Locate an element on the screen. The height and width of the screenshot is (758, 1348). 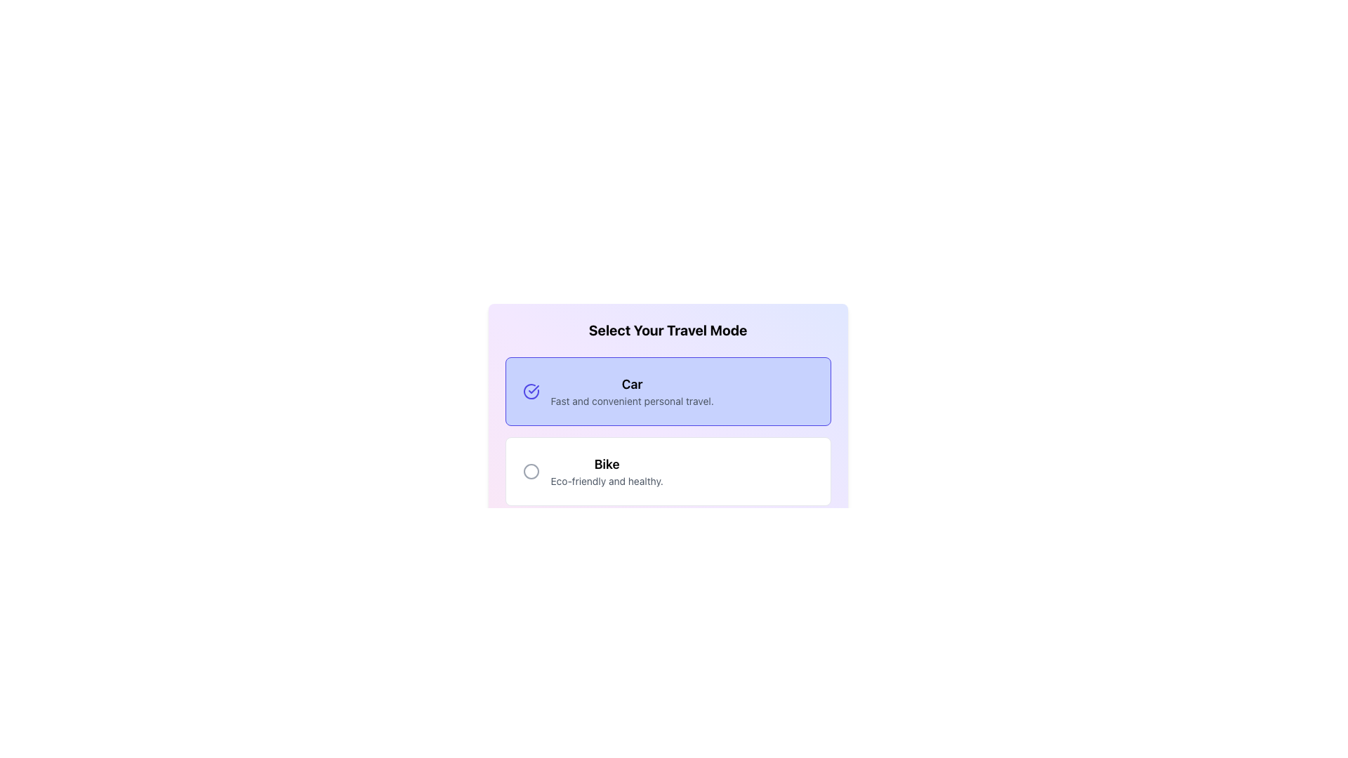
the unselected circular outline radio button in the 'Select Your Travel Mode' section labeled 'Bike' is located at coordinates (530, 471).